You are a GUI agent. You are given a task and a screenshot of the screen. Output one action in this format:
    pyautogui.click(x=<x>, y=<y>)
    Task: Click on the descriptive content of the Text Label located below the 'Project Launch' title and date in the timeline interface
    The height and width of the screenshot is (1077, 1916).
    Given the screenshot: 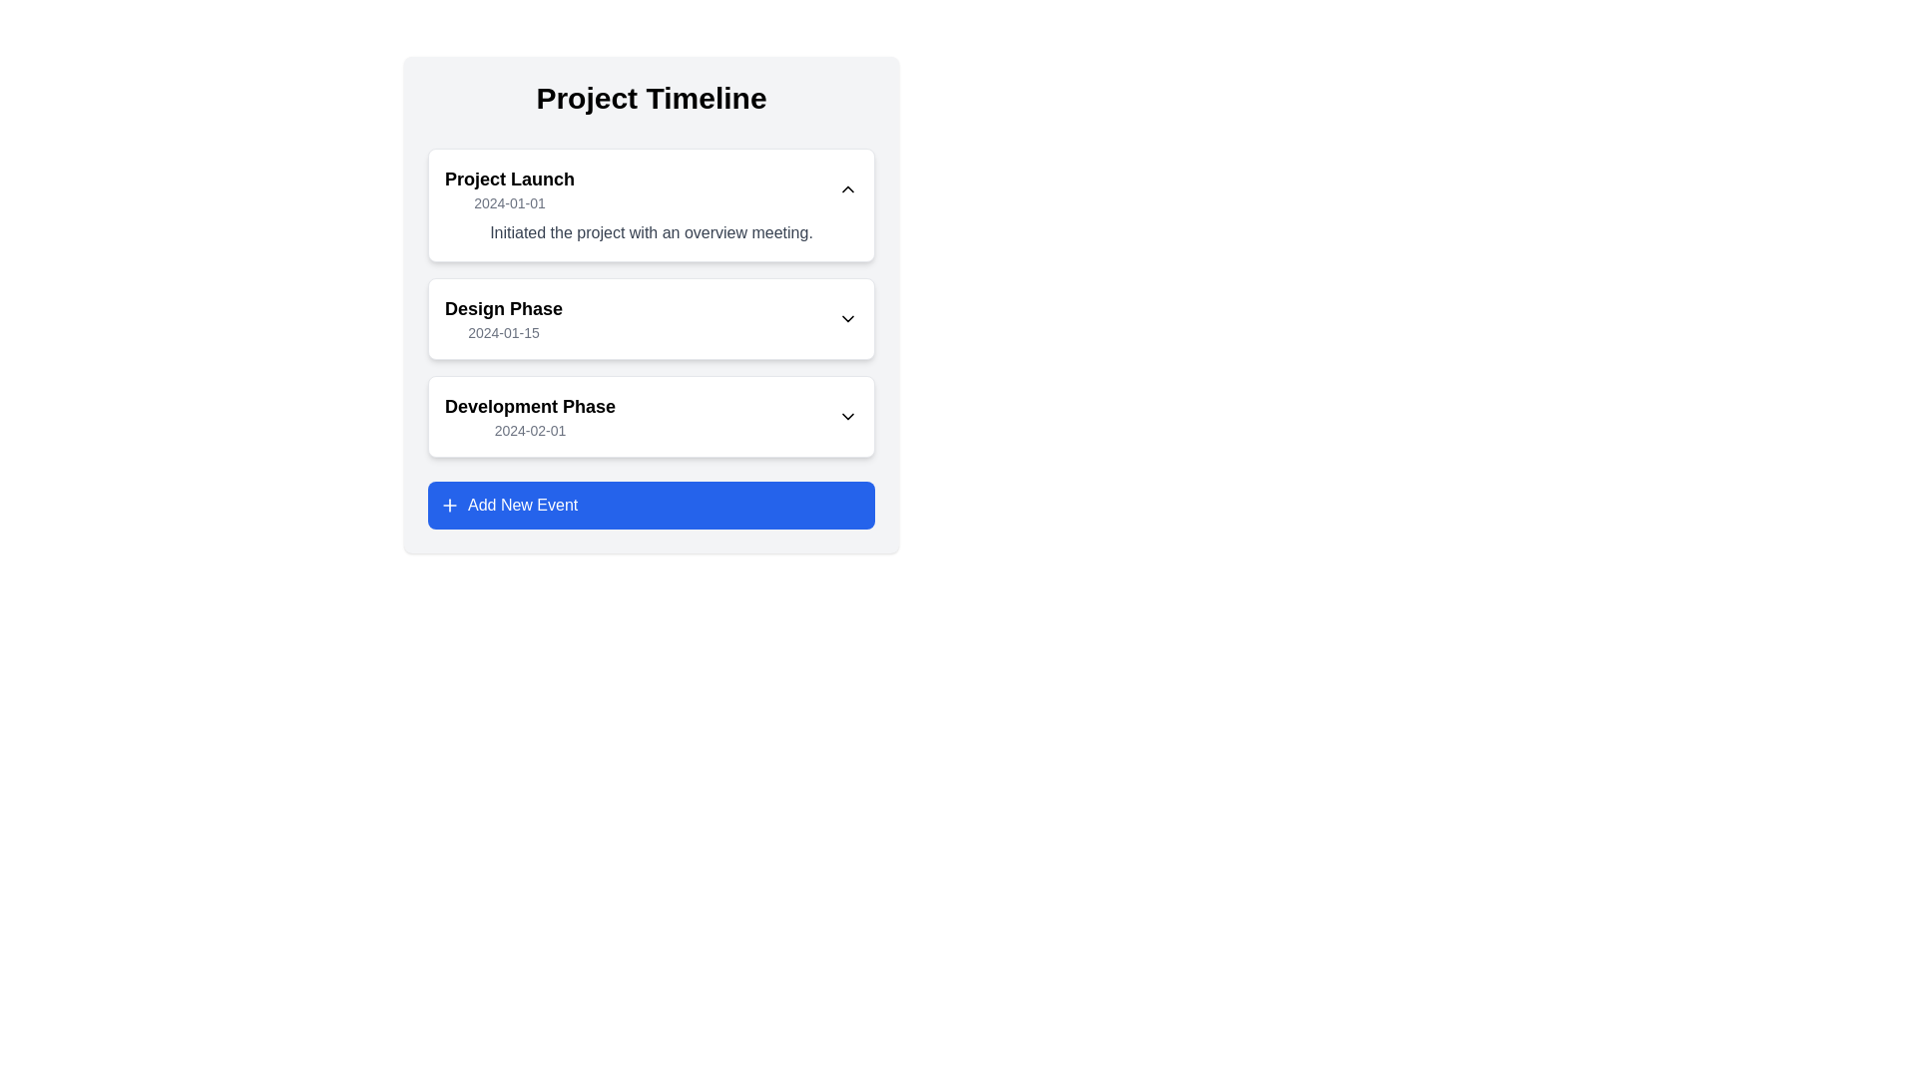 What is the action you would take?
    pyautogui.click(x=651, y=232)
    